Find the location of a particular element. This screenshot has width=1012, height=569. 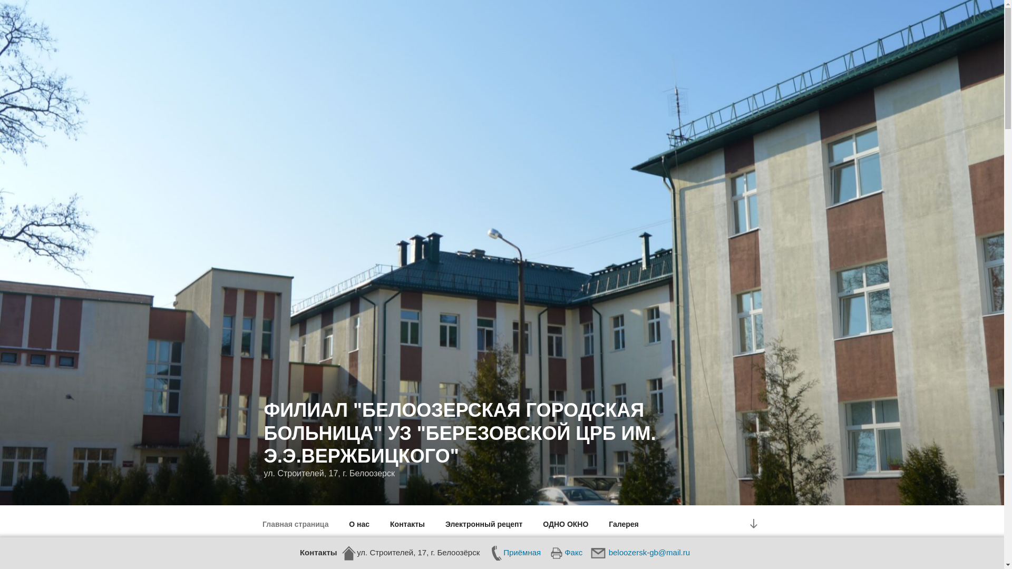

'beloozersk-gb@mail.ru' is located at coordinates (589, 552).